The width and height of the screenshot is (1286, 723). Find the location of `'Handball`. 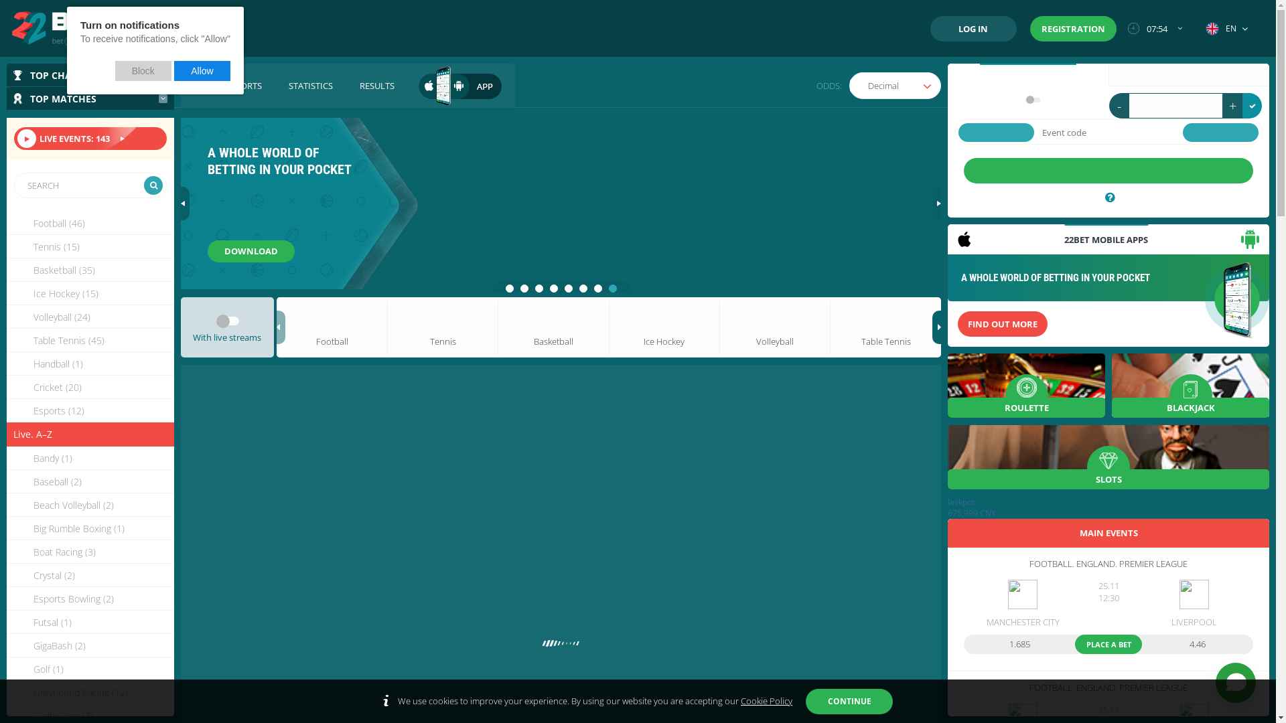

'Handball is located at coordinates (89, 364).